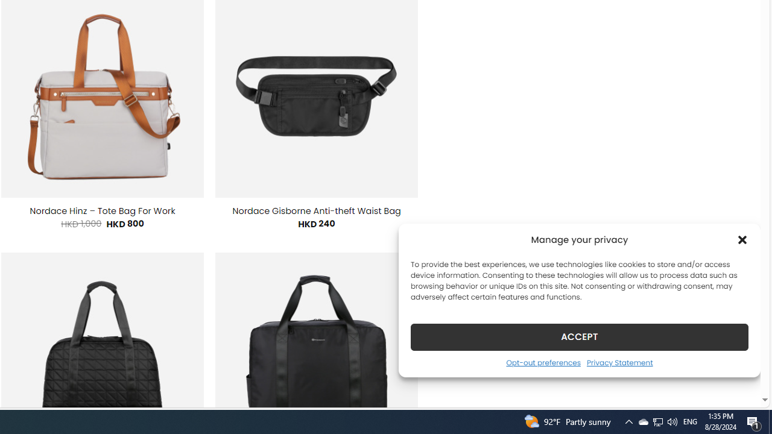 The height and width of the screenshot is (434, 772). I want to click on 'ACCEPT', so click(580, 336).